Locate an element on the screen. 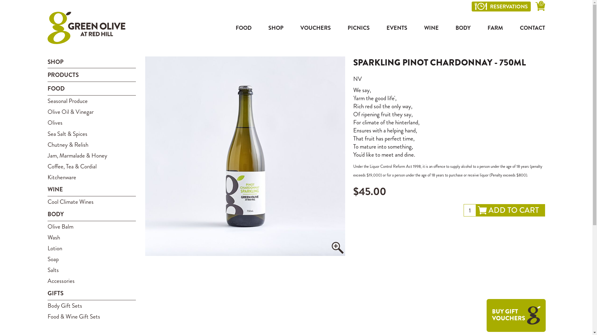 This screenshot has width=597, height=335. 'ADD TO CART' is located at coordinates (510, 210).